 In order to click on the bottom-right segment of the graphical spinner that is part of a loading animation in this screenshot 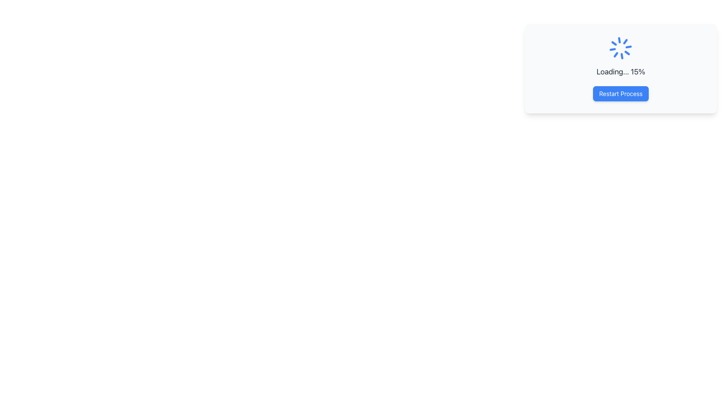, I will do `click(613, 44)`.